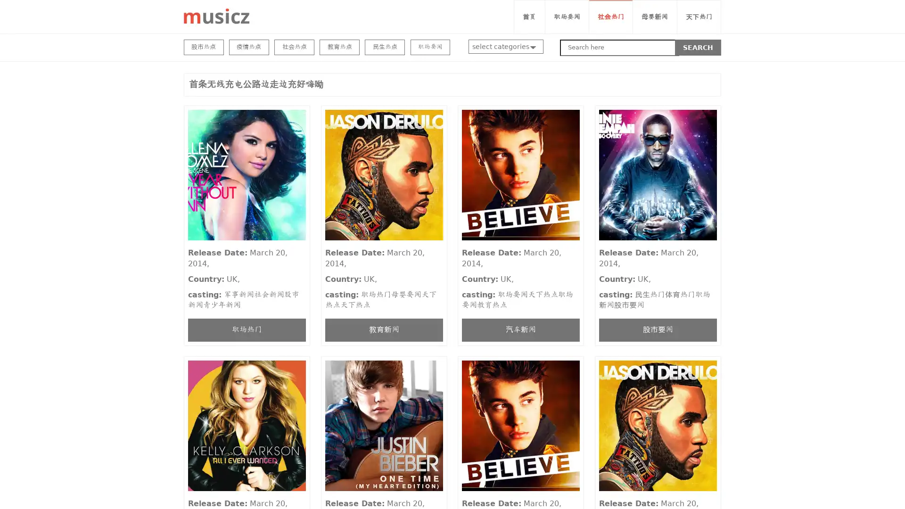 This screenshot has height=509, width=905. I want to click on search, so click(698, 47).